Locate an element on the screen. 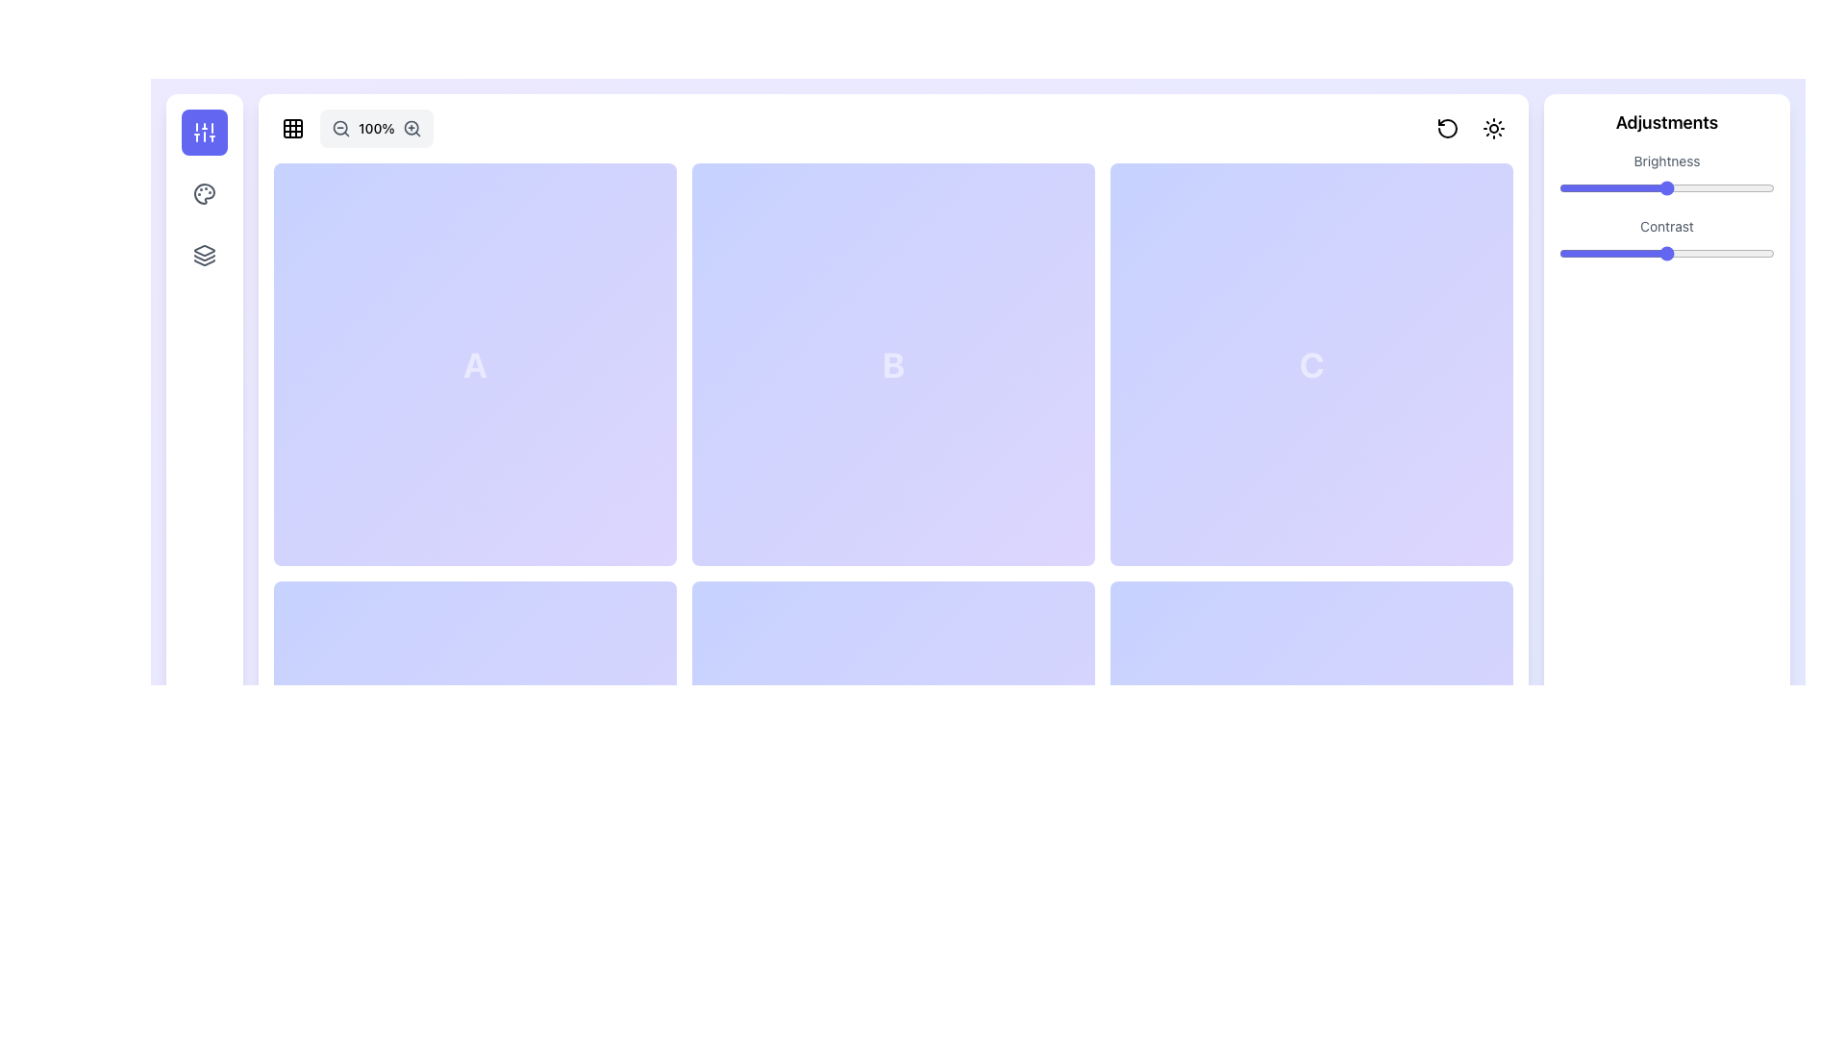 The height and width of the screenshot is (1038, 1846). the brightness level is located at coordinates (1559, 188).